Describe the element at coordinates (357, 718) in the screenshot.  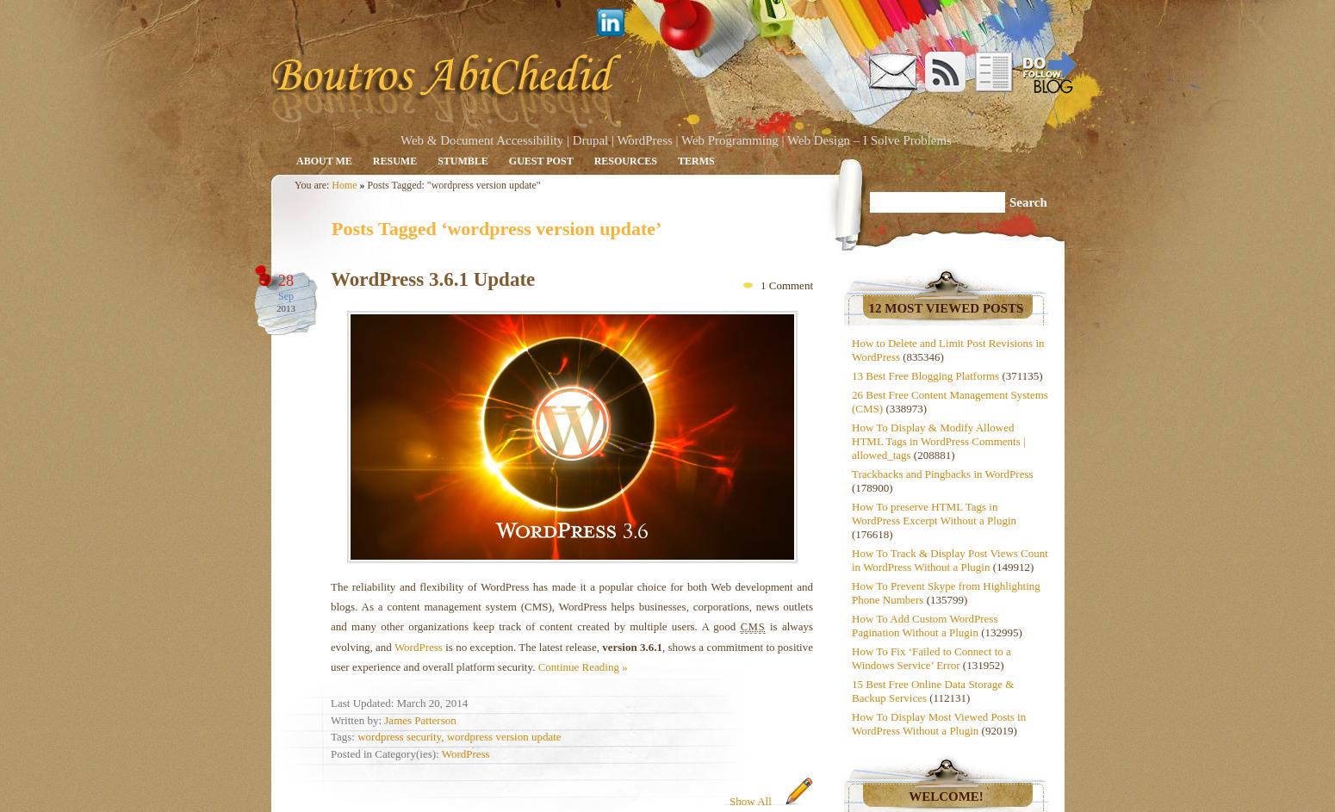
I see `'Written by:'` at that location.